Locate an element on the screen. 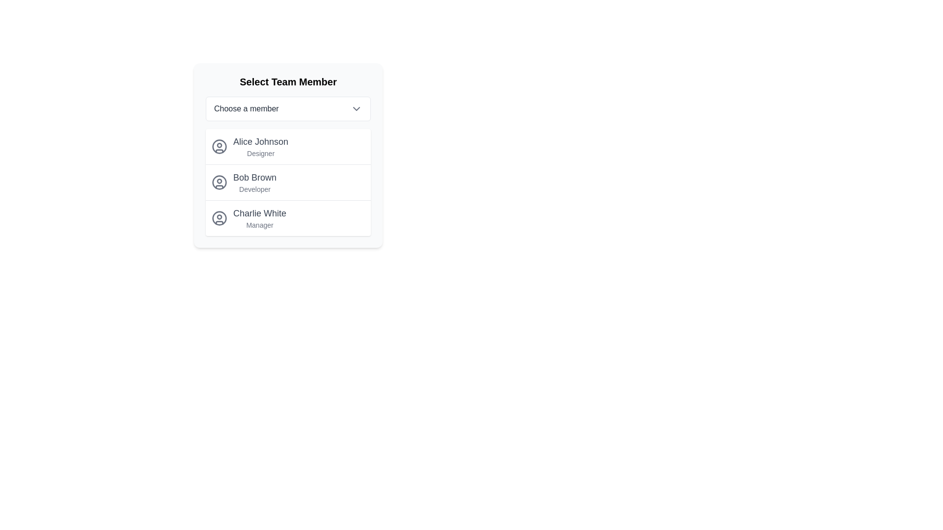 This screenshot has height=530, width=943. the user profile icon representing 'Alice Johnson Designer' located on the left side of the text in the 'Select Team Member' interface is located at coordinates (219, 147).